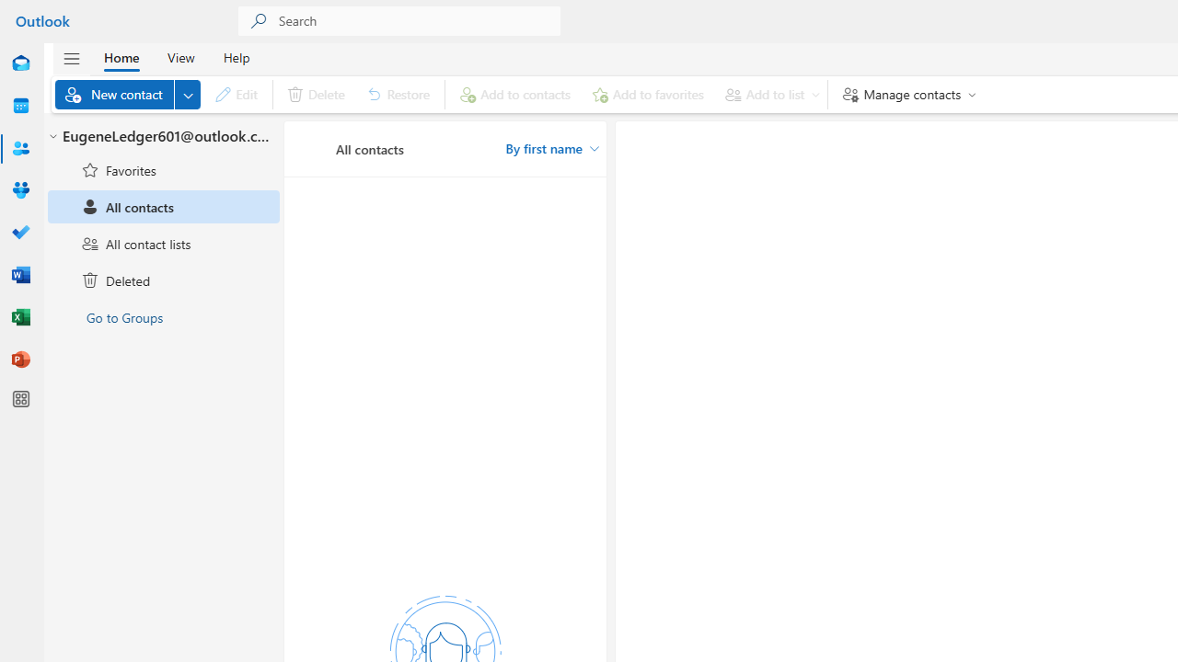 Image resolution: width=1178 pixels, height=662 pixels. Describe the element at coordinates (21, 233) in the screenshot. I see `'To Do'` at that location.